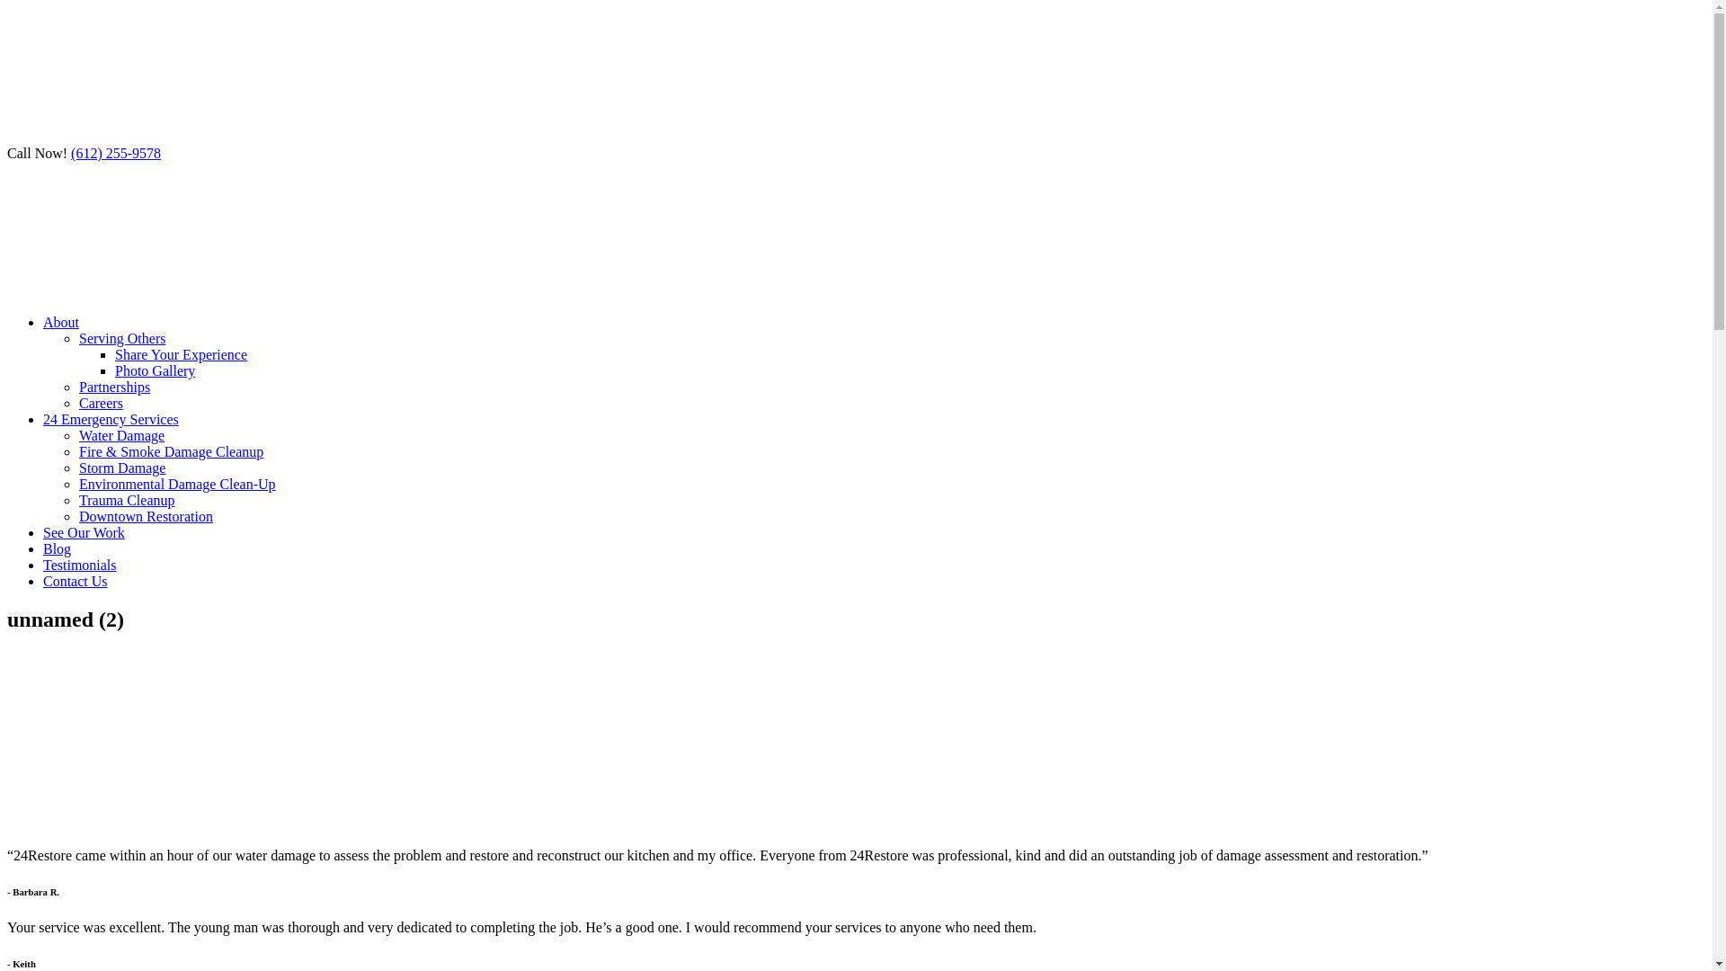  What do you see at coordinates (100, 402) in the screenshot?
I see `'Careers'` at bounding box center [100, 402].